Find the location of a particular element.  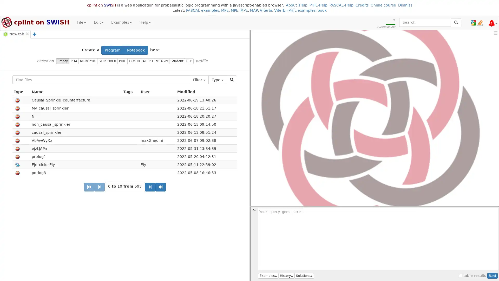

Run! is located at coordinates (492, 276).